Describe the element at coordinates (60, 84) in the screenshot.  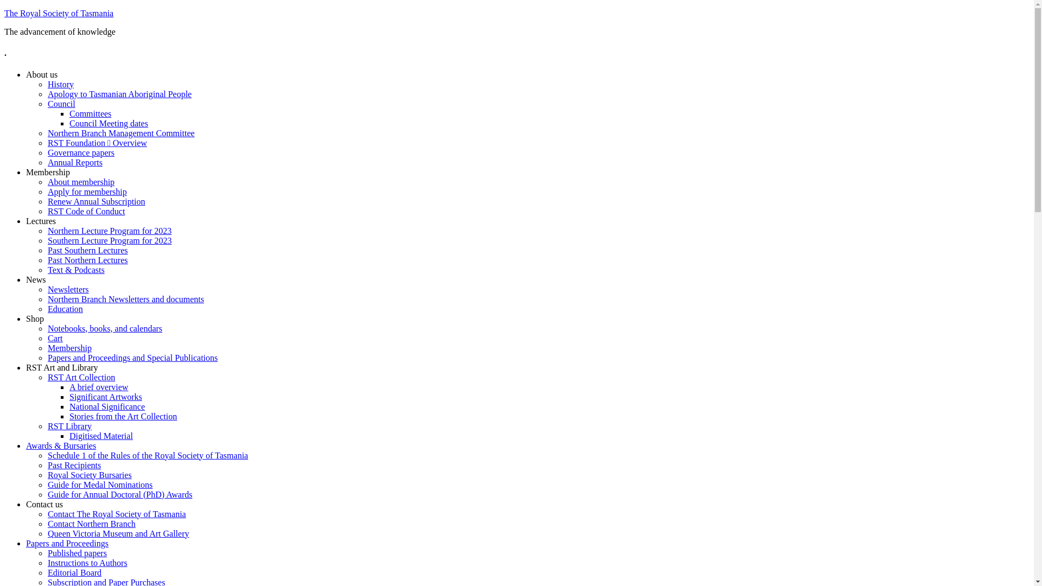
I see `'History'` at that location.